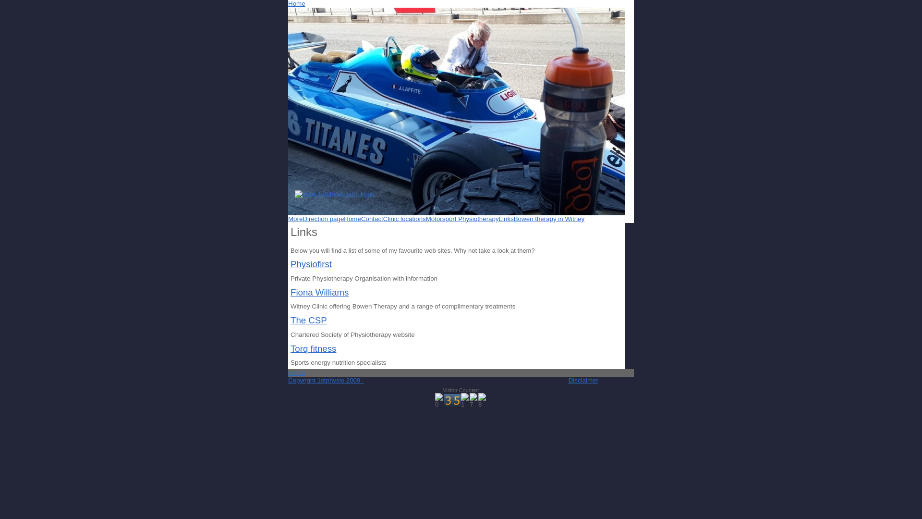  I want to click on 'More', so click(294, 219).